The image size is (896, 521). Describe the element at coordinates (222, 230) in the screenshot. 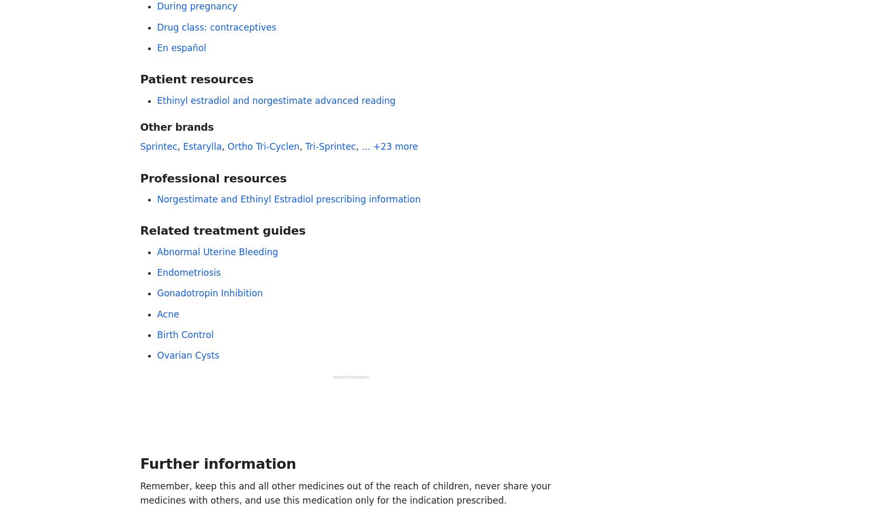

I see `'Related treatment guides'` at that location.